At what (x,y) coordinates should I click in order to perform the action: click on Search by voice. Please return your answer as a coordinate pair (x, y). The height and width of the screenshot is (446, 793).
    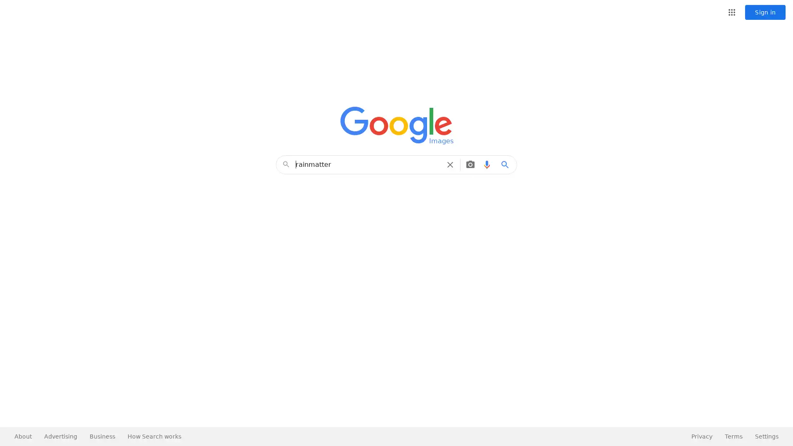
    Looking at the image, I should click on (487, 164).